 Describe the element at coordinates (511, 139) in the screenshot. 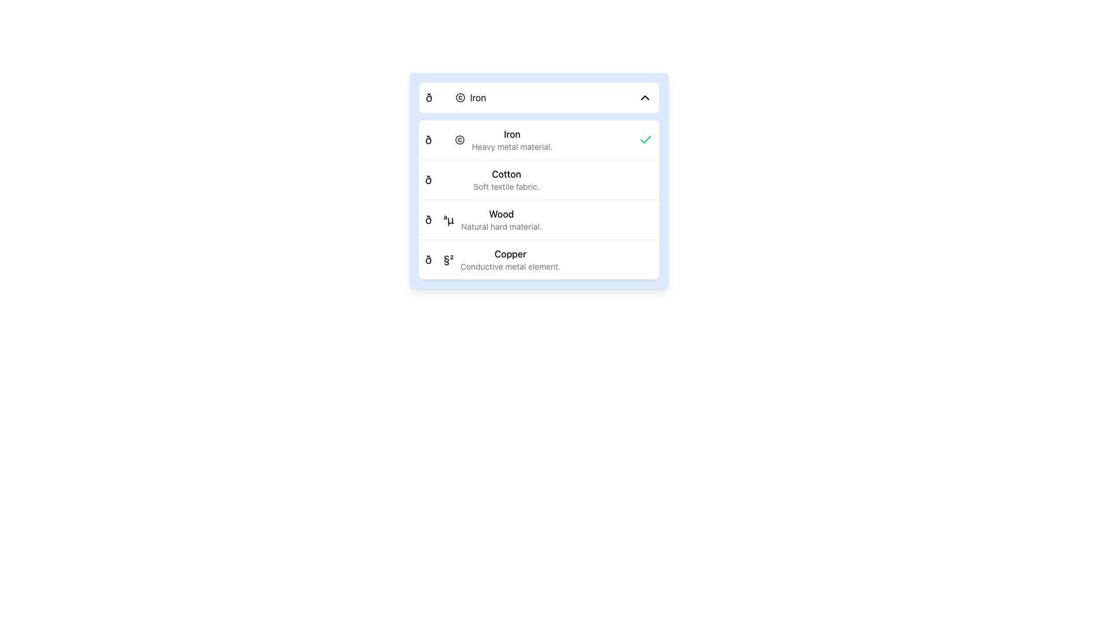

I see `the text block displaying 'Iron' in bold and 'Heavy metal material.' in smaller grey text, which is the second row in a vertically stacked list of items` at that location.